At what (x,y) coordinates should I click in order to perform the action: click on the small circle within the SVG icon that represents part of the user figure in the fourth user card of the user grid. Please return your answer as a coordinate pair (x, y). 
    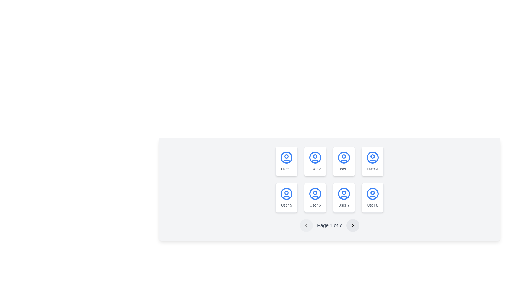
    Looking at the image, I should click on (372, 156).